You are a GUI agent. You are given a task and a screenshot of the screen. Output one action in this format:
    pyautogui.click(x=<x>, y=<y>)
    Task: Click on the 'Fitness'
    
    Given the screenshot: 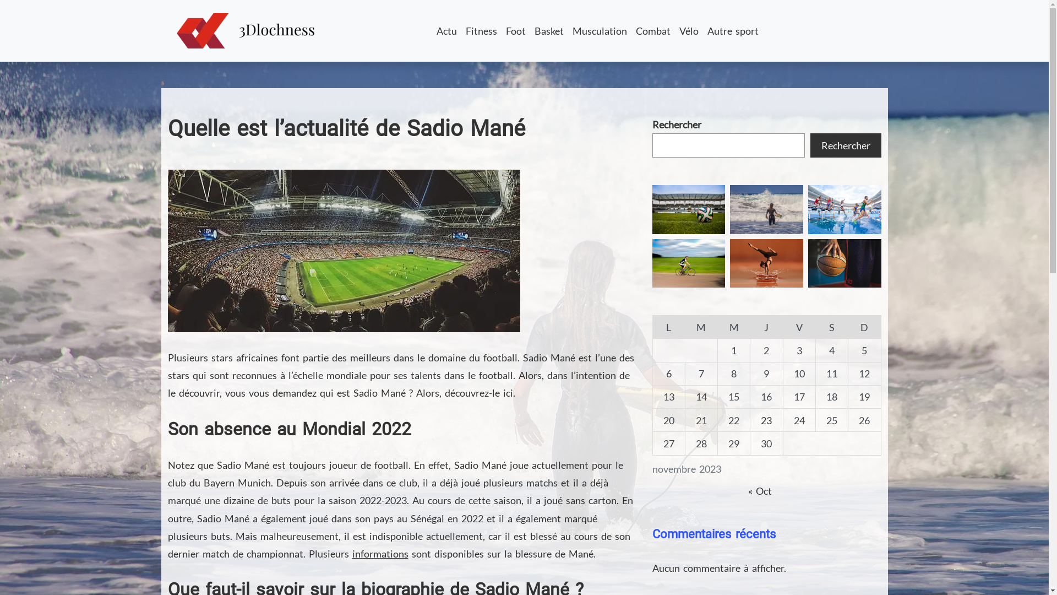 What is the action you would take?
    pyautogui.click(x=481, y=30)
    